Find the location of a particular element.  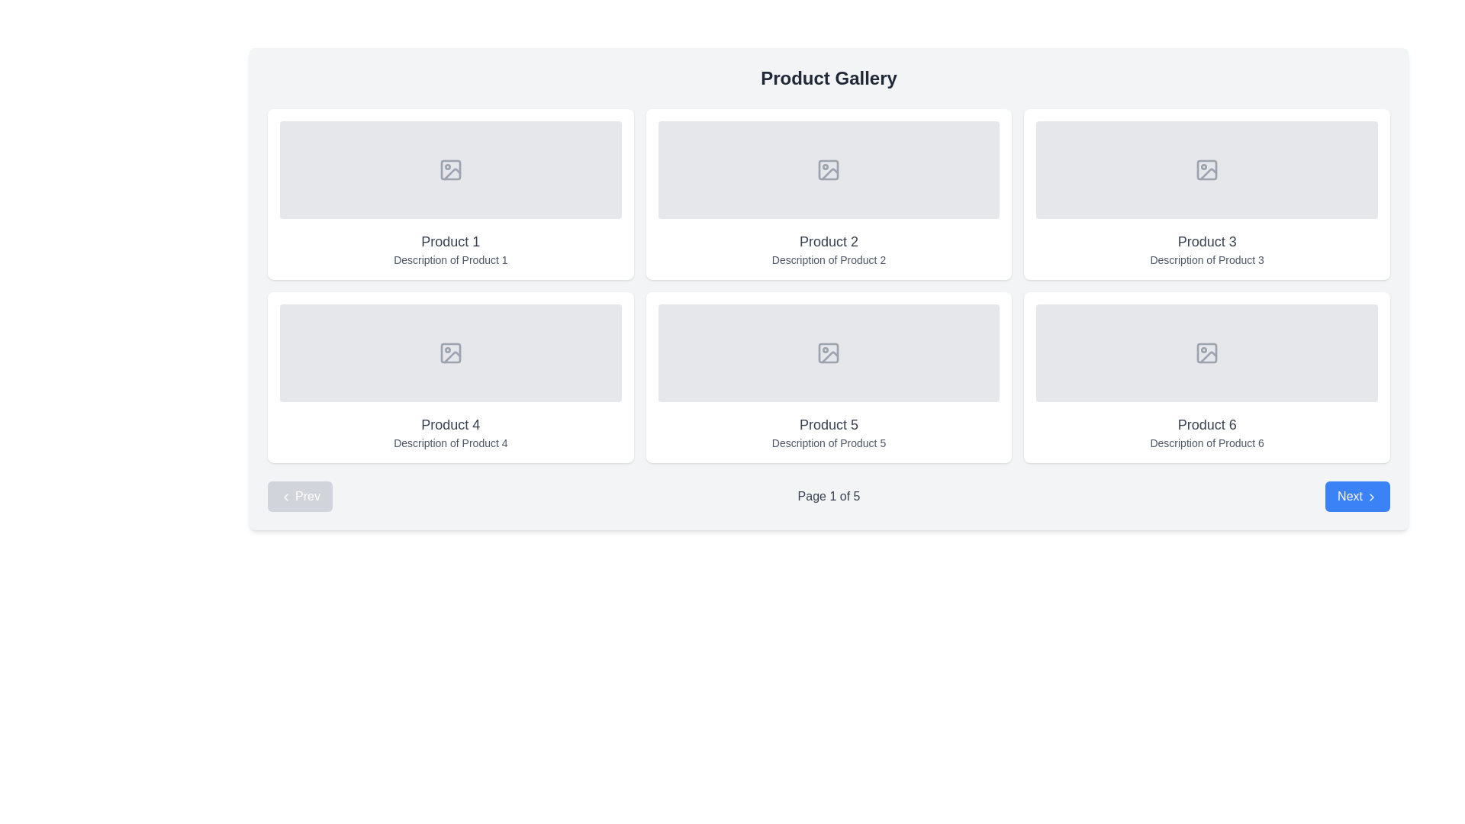

the Label displaying the name or title of the product located in the third product card on the top row of the product gallery grid, which is above the text 'Description of Product 3' is located at coordinates (1206, 240).